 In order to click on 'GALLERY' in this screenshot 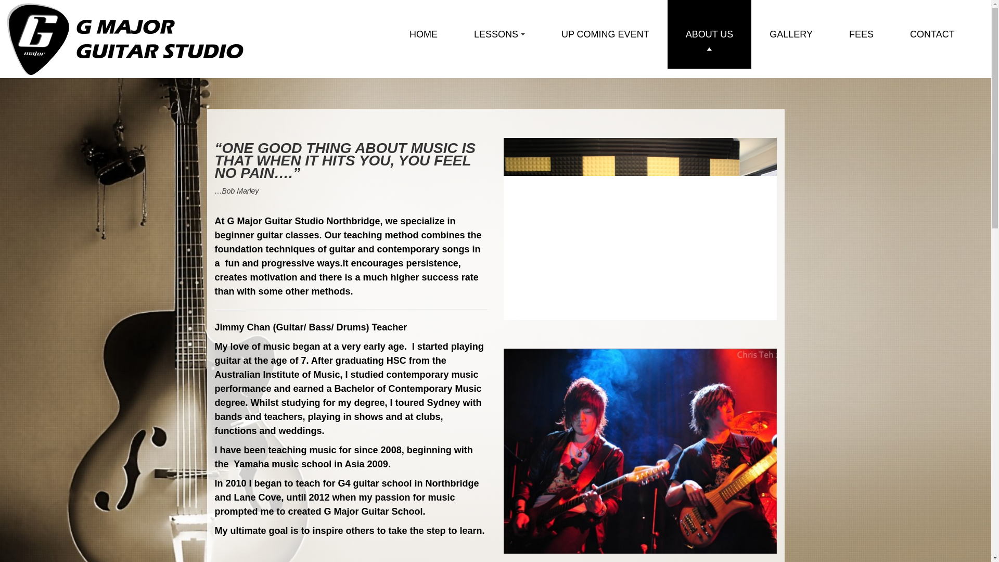, I will do `click(791, 33)`.